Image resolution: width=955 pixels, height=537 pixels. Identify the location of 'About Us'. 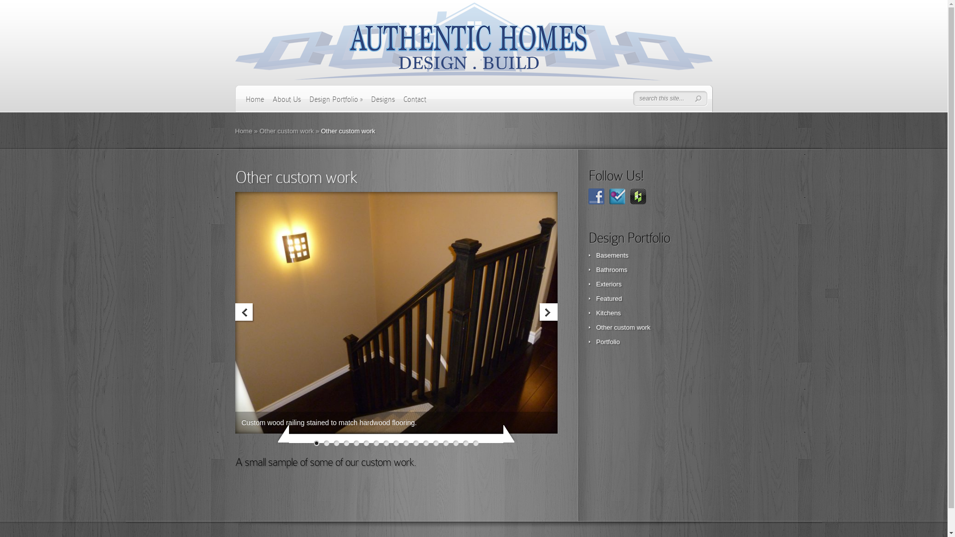
(286, 103).